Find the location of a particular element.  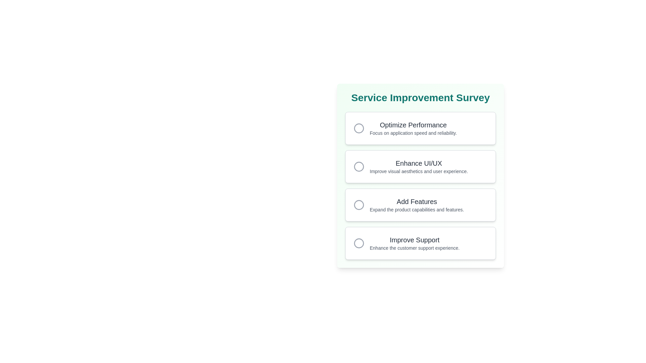

the unselected radio button icon located to the left of the 'Add Features' text is located at coordinates (358, 204).